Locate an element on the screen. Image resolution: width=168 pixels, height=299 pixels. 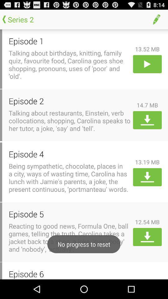
episode 6 item is located at coordinates (69, 273).